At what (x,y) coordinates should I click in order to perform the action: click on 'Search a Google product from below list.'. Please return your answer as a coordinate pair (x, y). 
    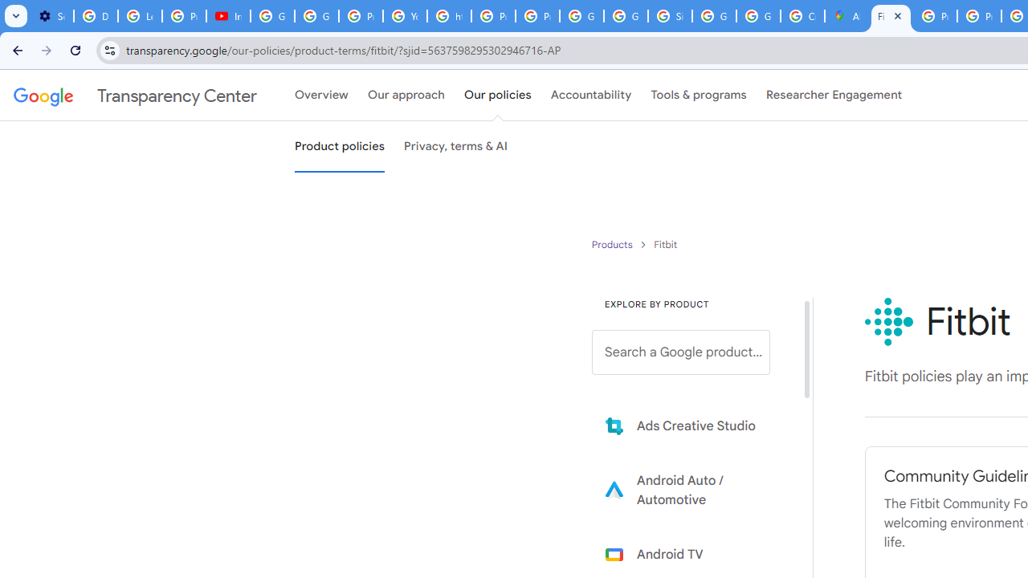
    Looking at the image, I should click on (681, 352).